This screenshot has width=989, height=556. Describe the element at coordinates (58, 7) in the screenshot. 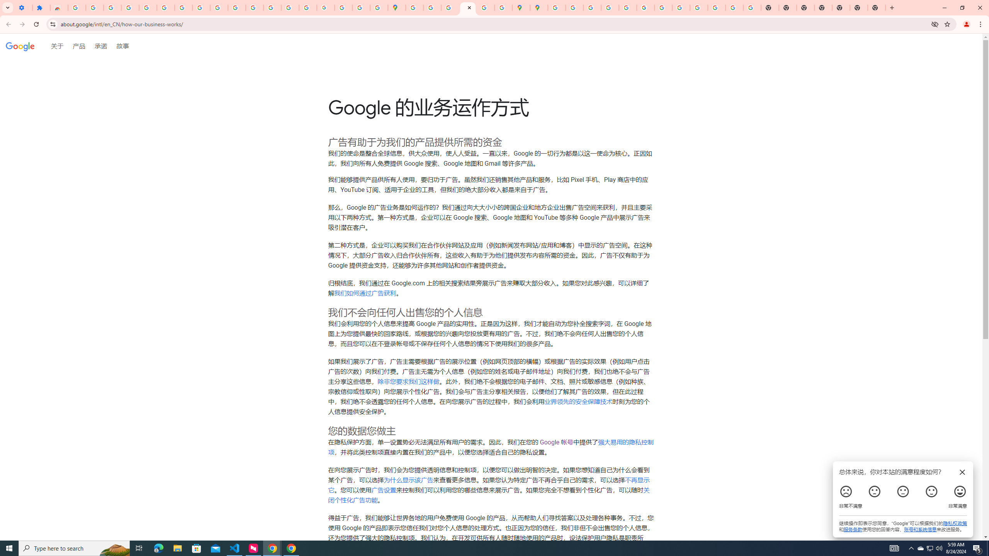

I see `'Reviews: Helix Fruit Jump Arcade Game'` at that location.